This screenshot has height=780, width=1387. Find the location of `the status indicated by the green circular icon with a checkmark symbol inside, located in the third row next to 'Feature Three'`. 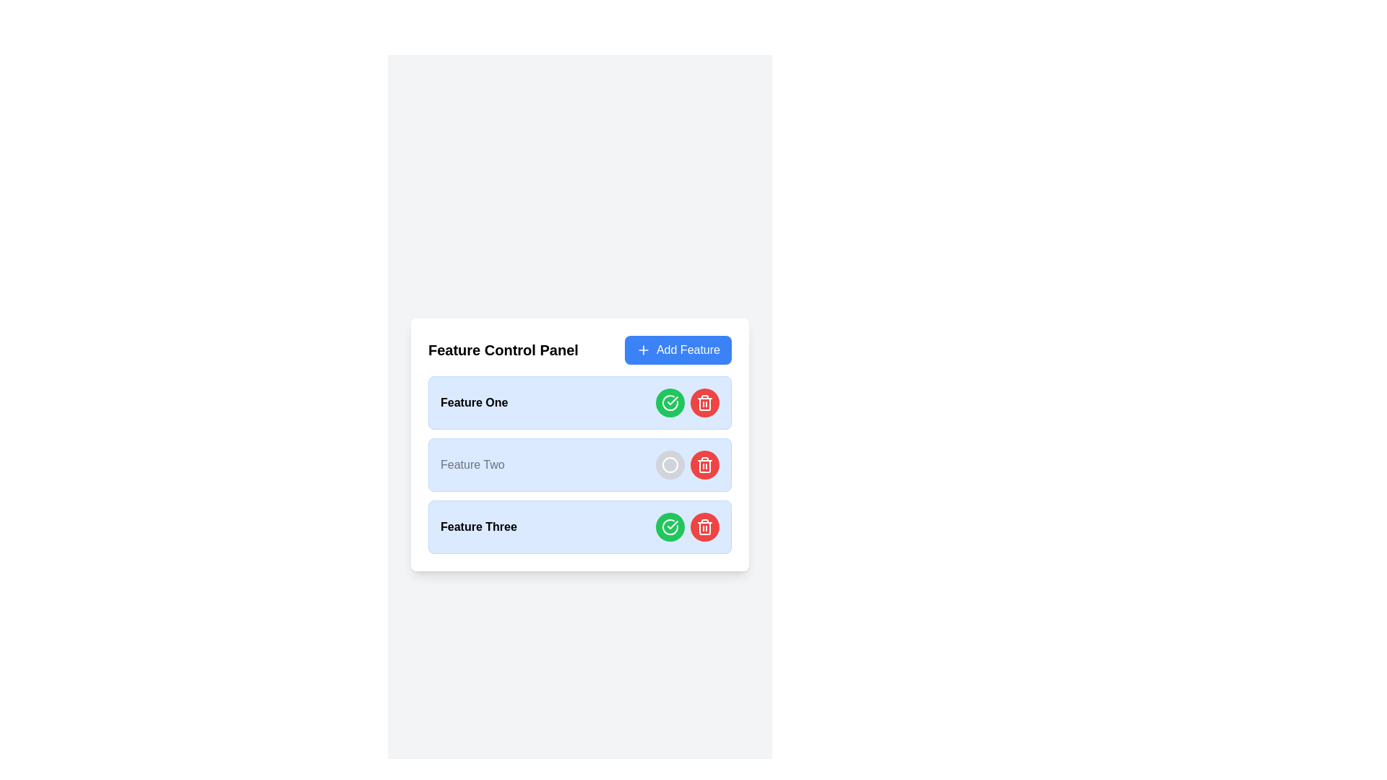

the status indicated by the green circular icon with a checkmark symbol inside, located in the third row next to 'Feature Three' is located at coordinates (669, 403).